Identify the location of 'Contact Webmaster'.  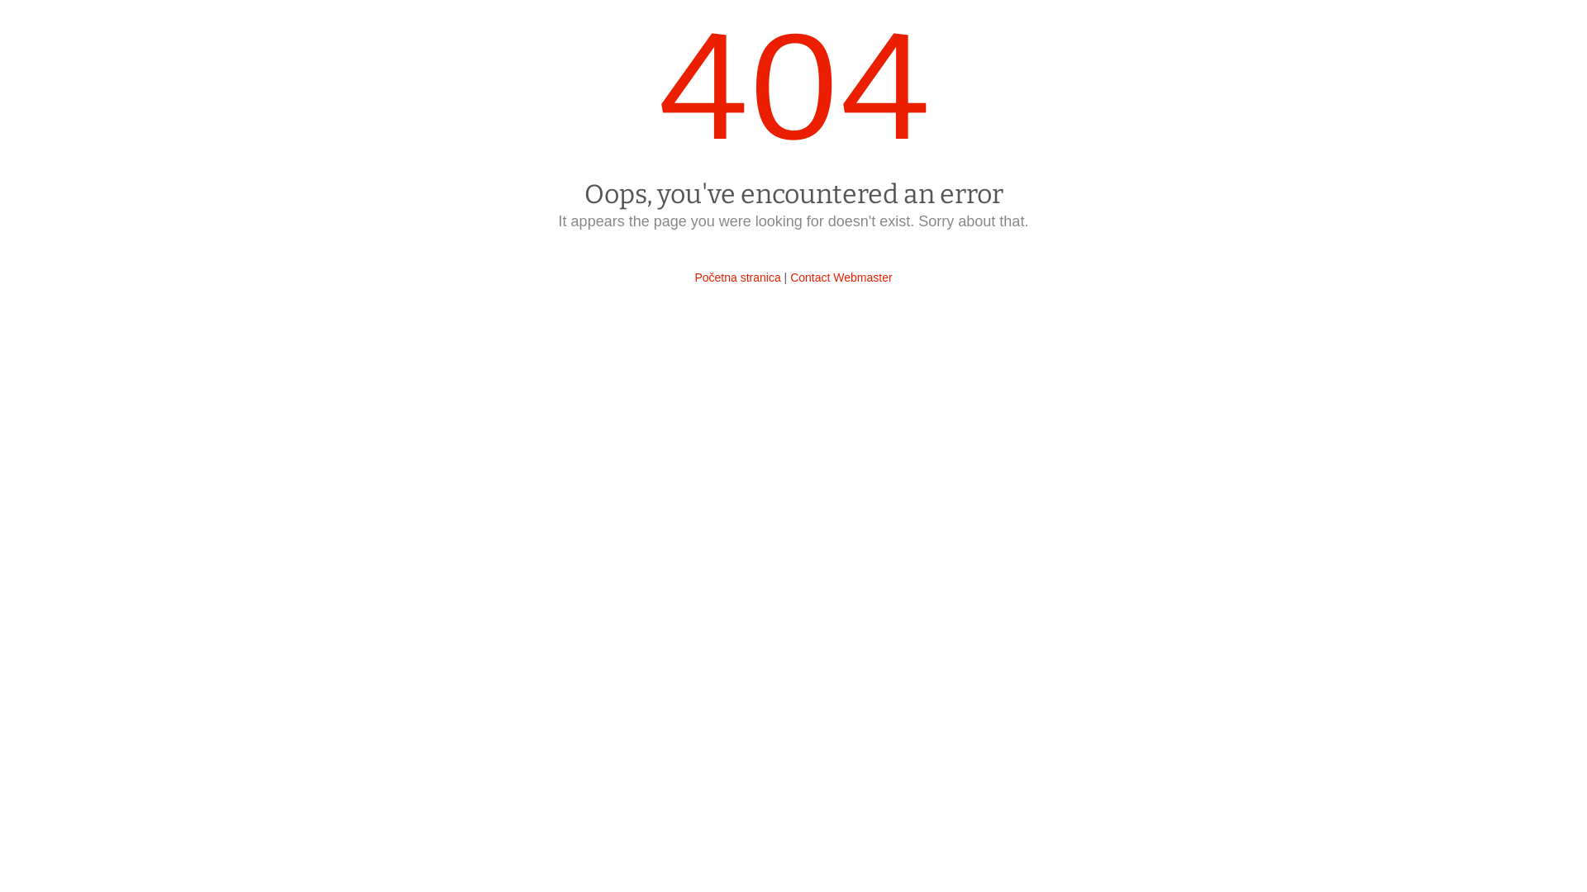
(841, 276).